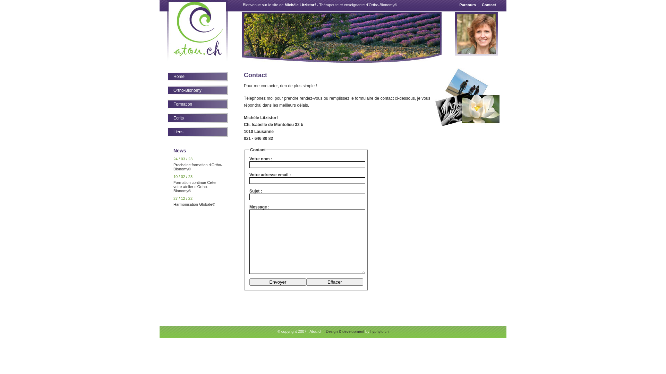  I want to click on 'Ecrits', so click(197, 117).